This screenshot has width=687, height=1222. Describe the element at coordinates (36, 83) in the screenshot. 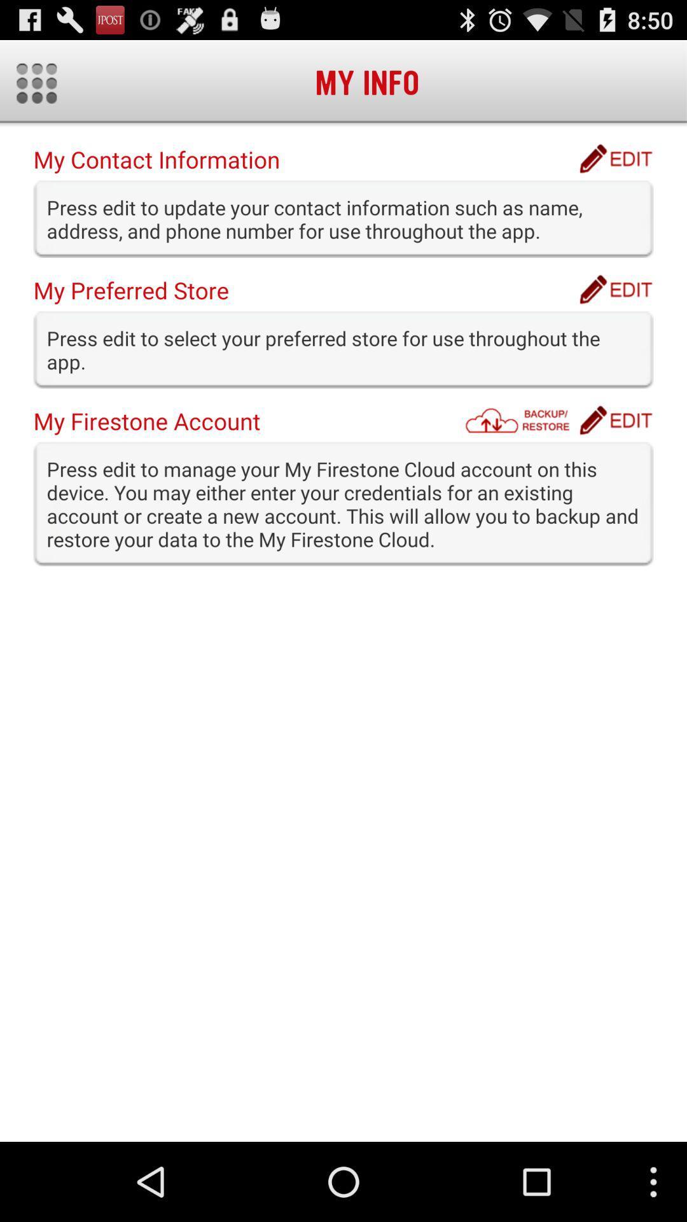

I see `icon at the top left corner` at that location.